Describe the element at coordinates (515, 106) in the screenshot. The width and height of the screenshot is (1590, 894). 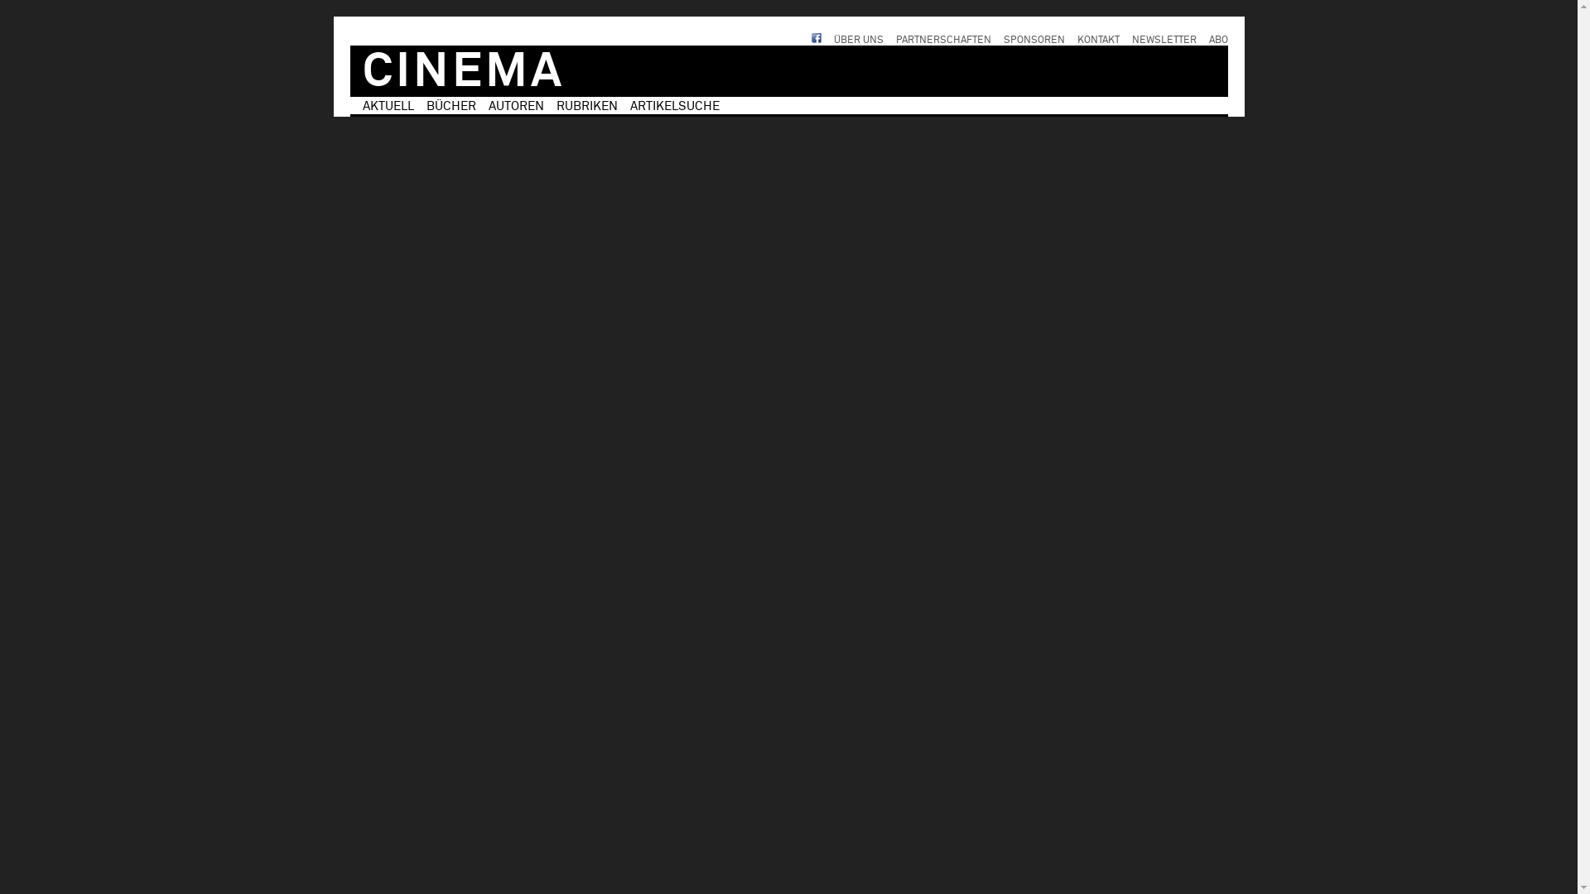
I see `'AUTOREN'` at that location.